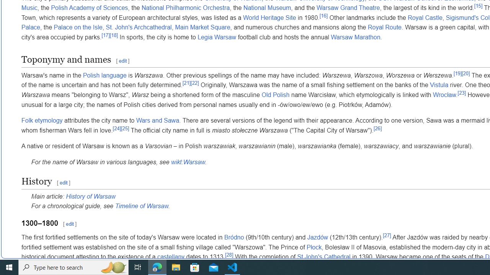 Image resolution: width=490 pixels, height=275 pixels. What do you see at coordinates (203, 27) in the screenshot?
I see `'Main Market Square'` at bounding box center [203, 27].